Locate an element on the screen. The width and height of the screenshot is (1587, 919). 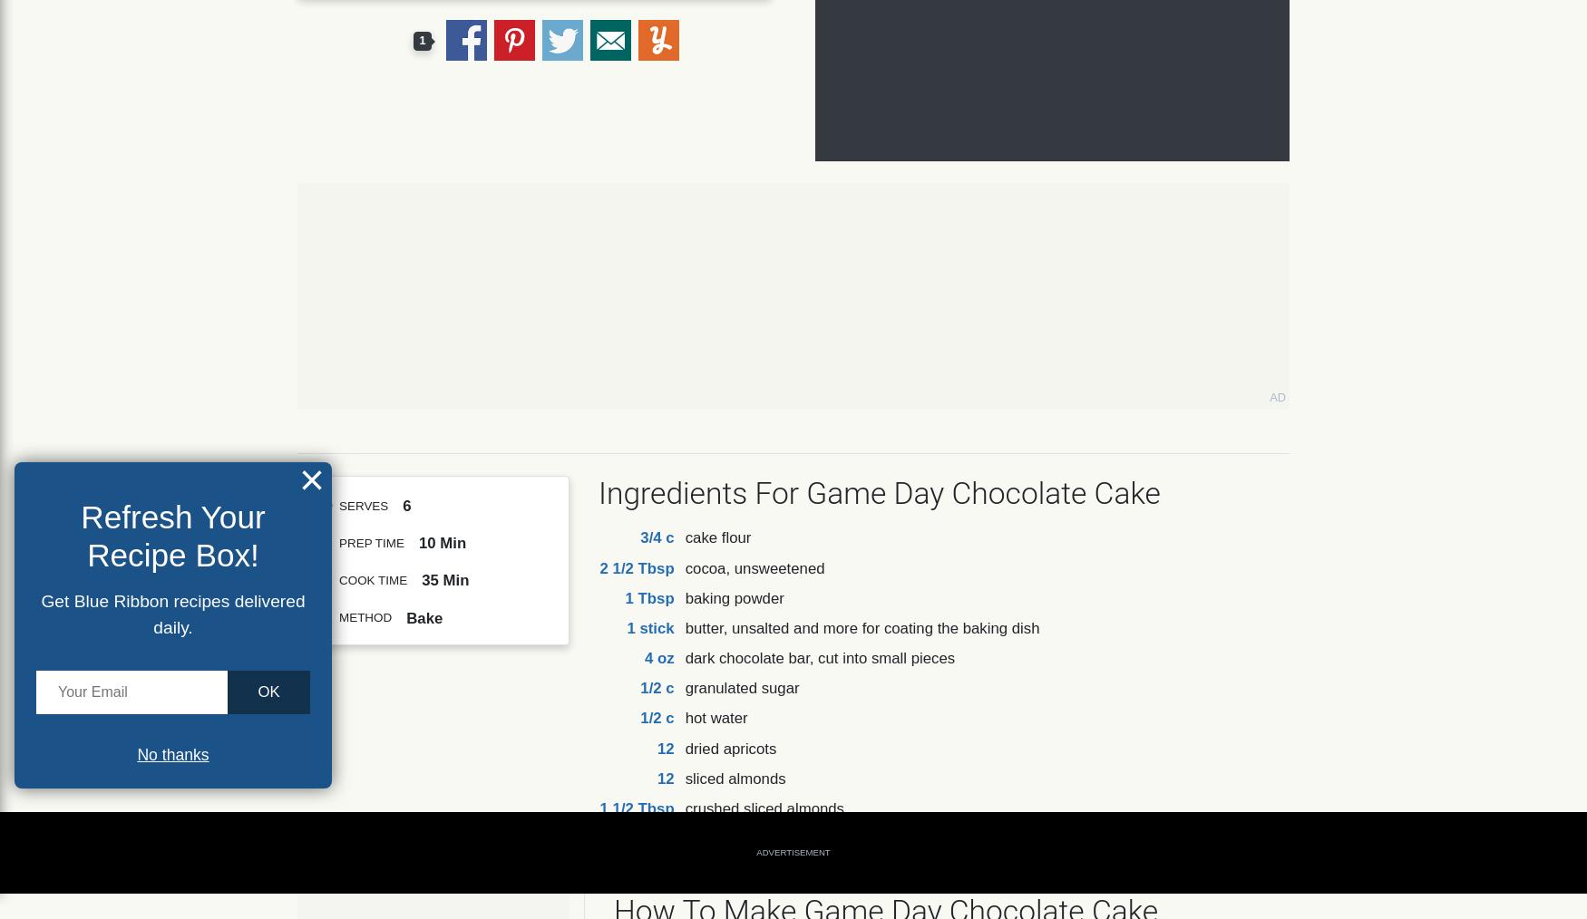
'6' is located at coordinates (406, 505).